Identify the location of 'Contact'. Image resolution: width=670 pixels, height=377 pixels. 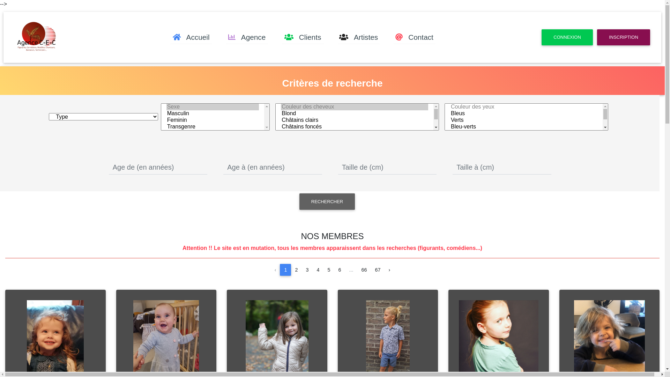
(415, 37).